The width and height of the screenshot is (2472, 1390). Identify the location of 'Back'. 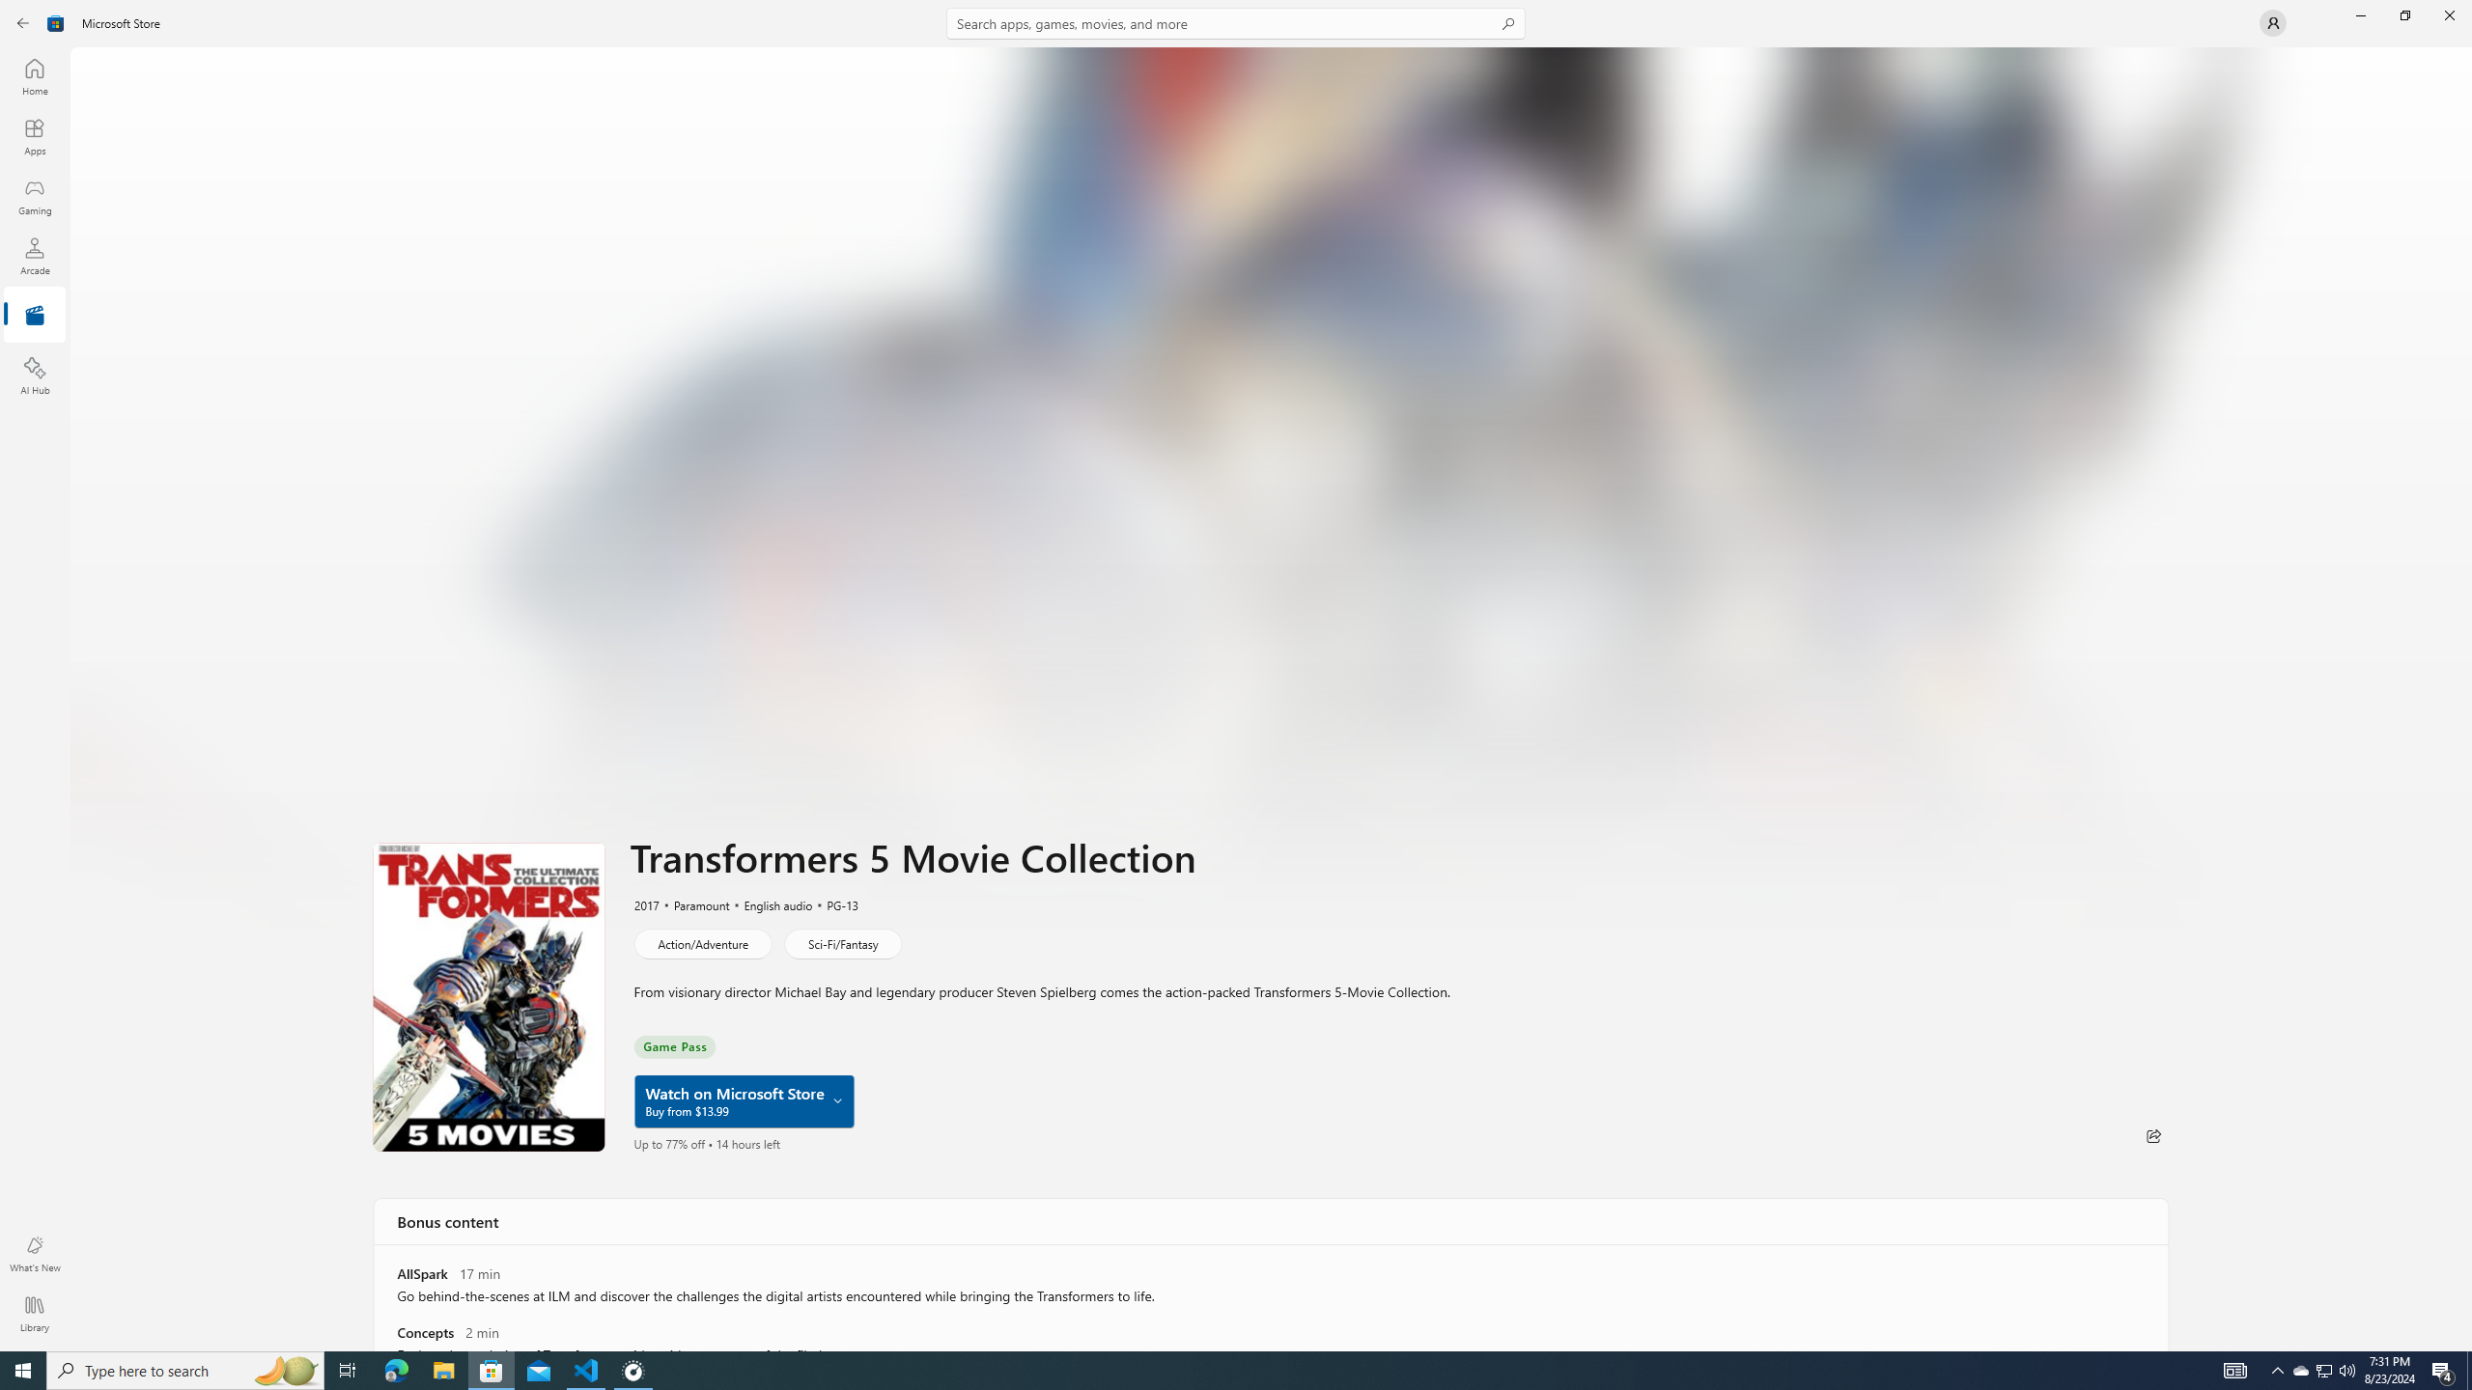
(23, 21).